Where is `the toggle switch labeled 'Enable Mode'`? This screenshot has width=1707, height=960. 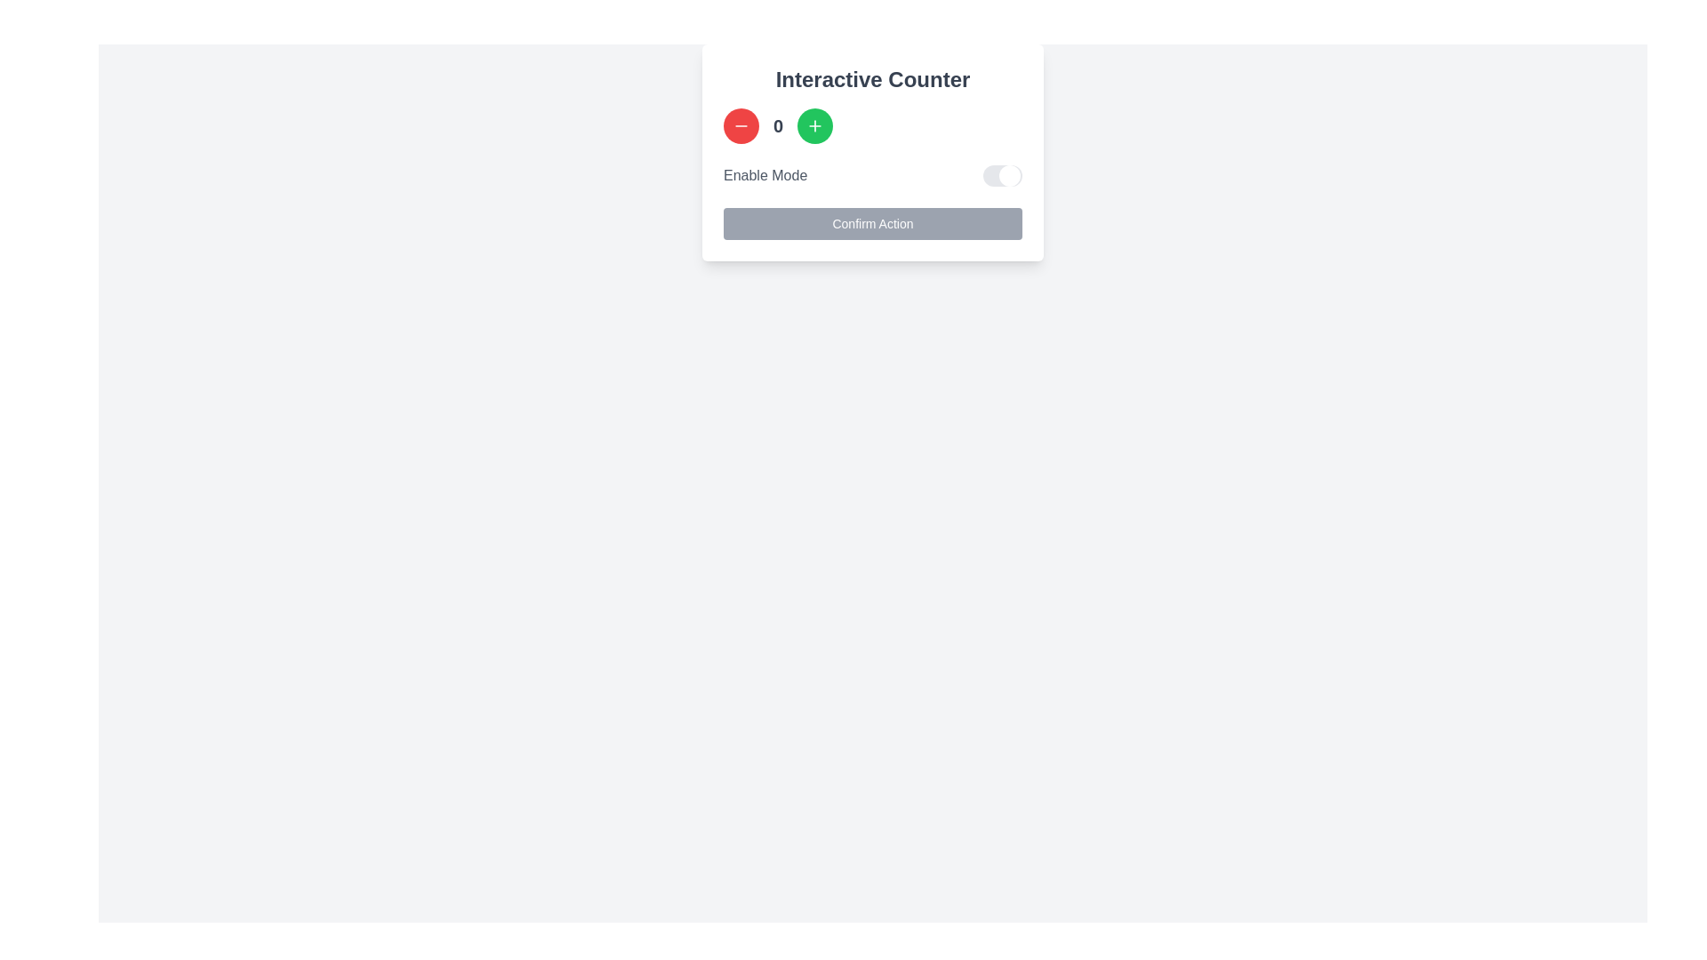
the toggle switch labeled 'Enable Mode' is located at coordinates (873, 175).